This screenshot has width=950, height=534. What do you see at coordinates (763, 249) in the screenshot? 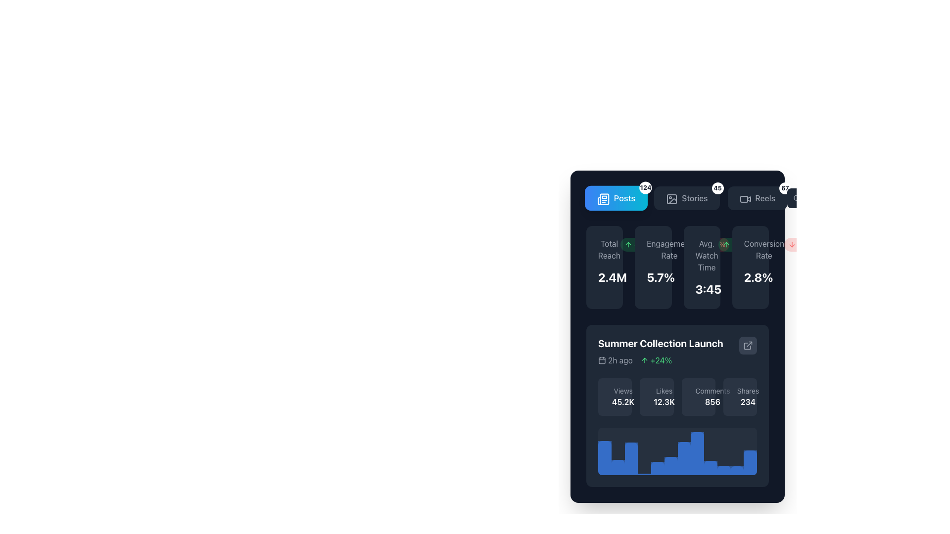
I see `the 'Conversion Rate' text label located at the top-right corner of the interface, above the numerical value '-8.3%'` at bounding box center [763, 249].